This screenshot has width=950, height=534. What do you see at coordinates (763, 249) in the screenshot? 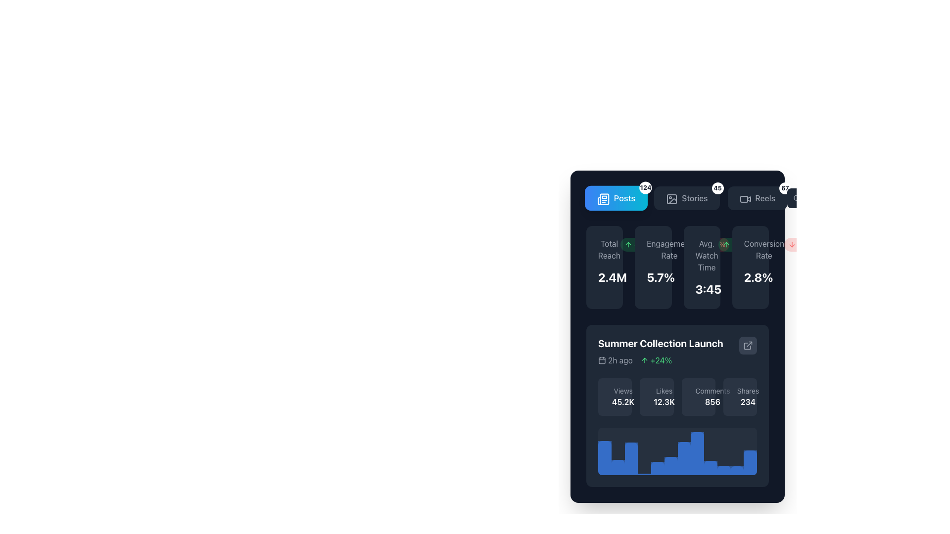
I see `the 'Conversion Rate' text label located at the top-right corner of the interface, above the numerical value '-8.3%'` at bounding box center [763, 249].